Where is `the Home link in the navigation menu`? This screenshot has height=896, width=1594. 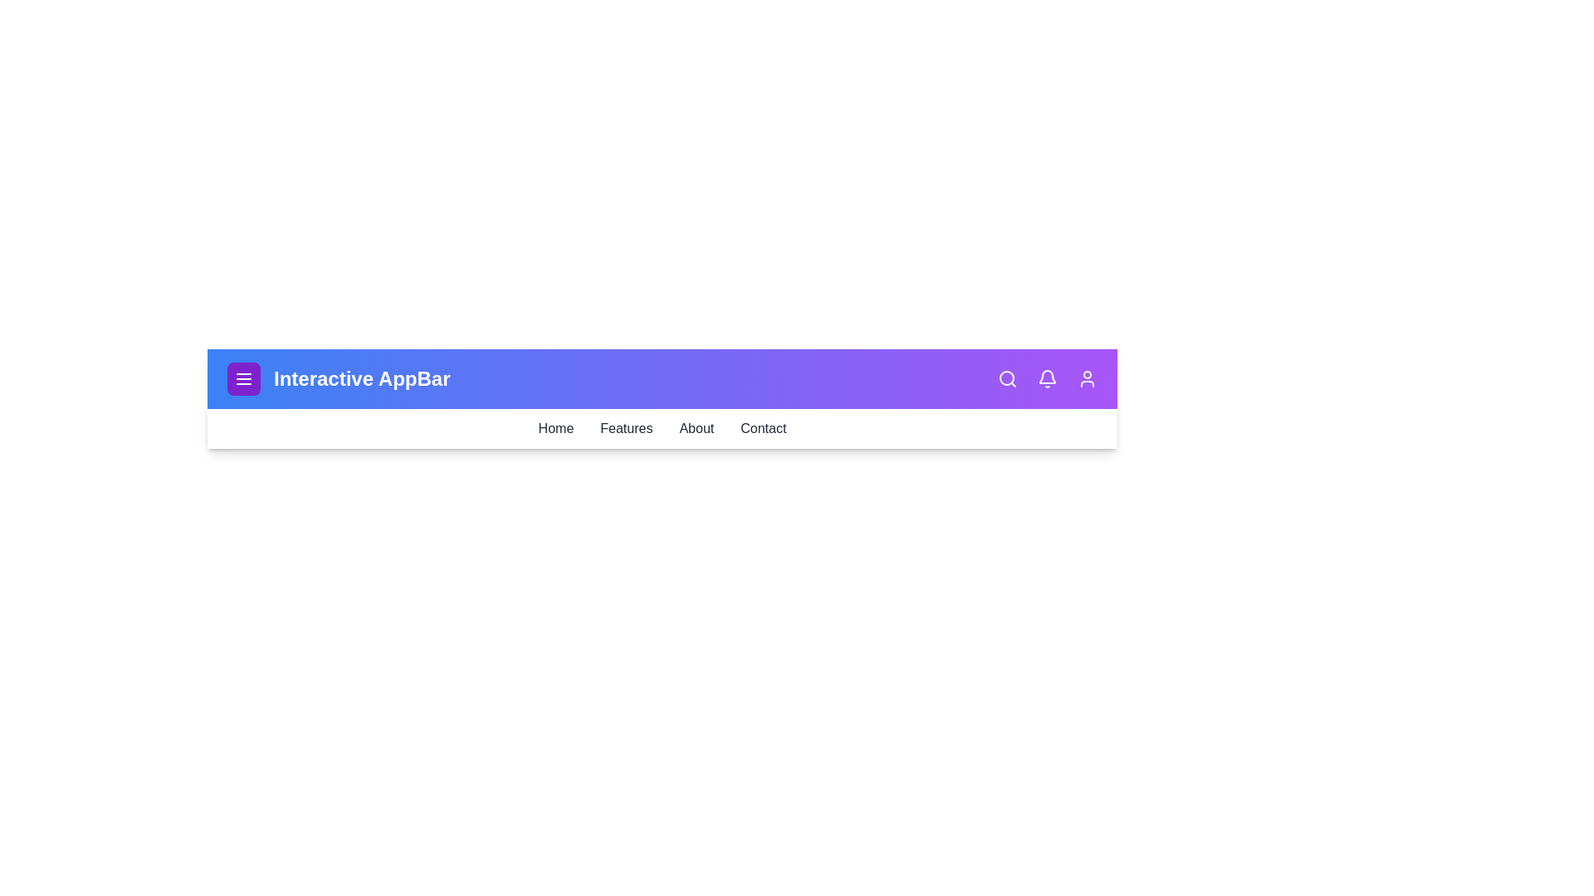 the Home link in the navigation menu is located at coordinates (555, 427).